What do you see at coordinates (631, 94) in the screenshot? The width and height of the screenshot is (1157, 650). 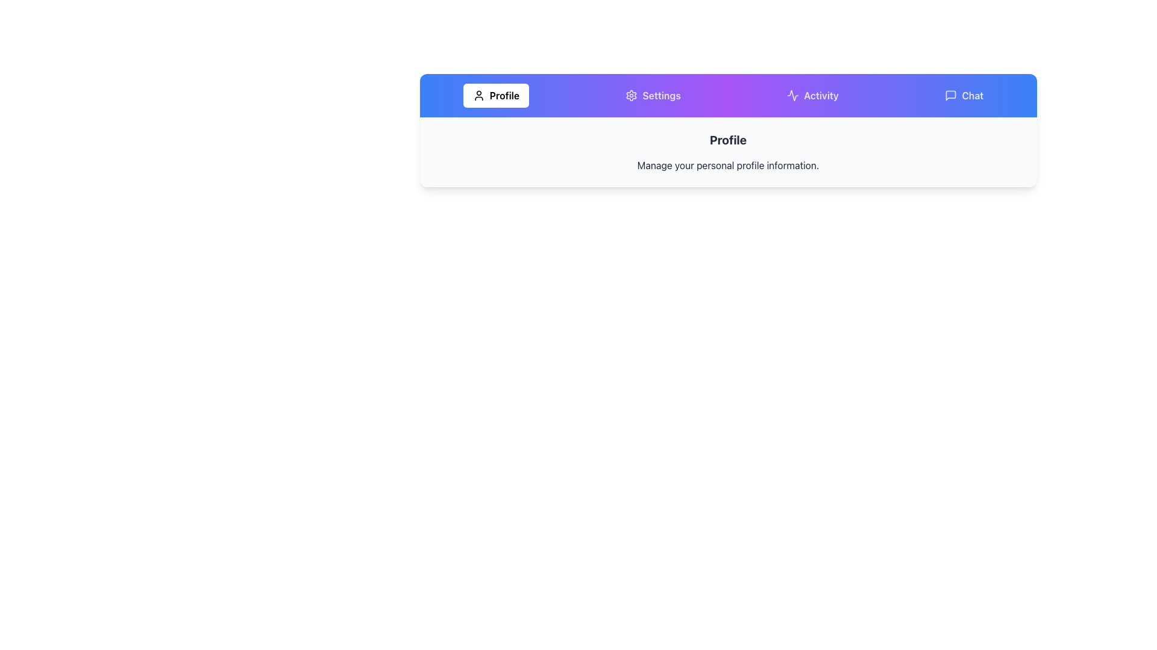 I see `the decorative icon that serves as a visual indicator for the 'Settings' navigation option, which is located to the left of the text 'Settings' in the navigation bar` at bounding box center [631, 94].